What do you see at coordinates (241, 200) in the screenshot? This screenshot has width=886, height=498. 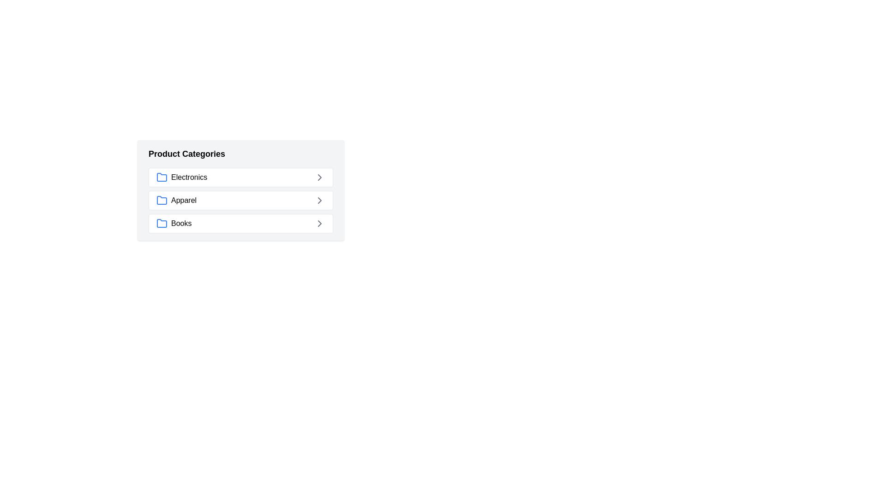 I see `the second selectable list item for the category 'Apparel'` at bounding box center [241, 200].